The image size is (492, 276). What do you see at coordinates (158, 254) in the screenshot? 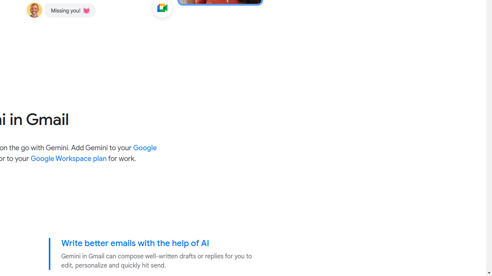
I see `'Write better emails with the help of AI Gemini in Gmail can compose well-written drafts or replies for you to edit, personalize and quickly hit send.'` at bounding box center [158, 254].